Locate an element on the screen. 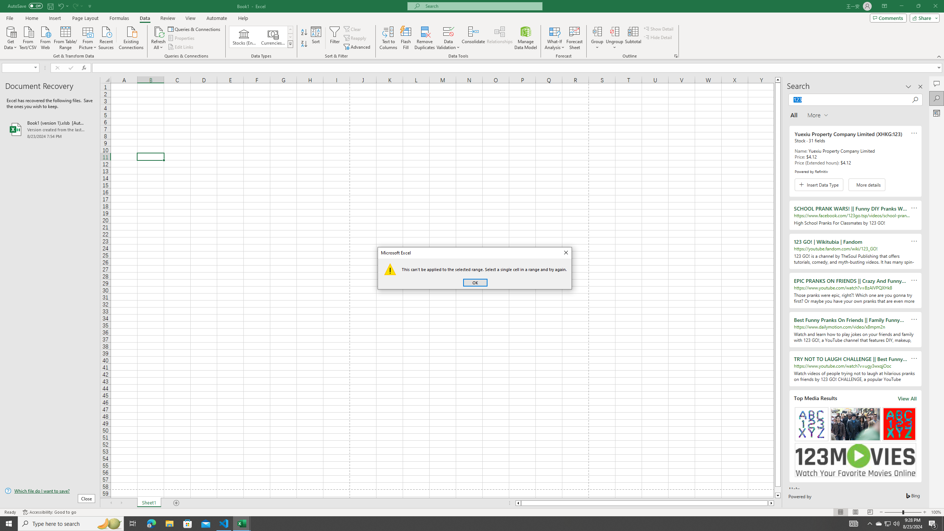  'Microsoft Edge' is located at coordinates (151, 523).